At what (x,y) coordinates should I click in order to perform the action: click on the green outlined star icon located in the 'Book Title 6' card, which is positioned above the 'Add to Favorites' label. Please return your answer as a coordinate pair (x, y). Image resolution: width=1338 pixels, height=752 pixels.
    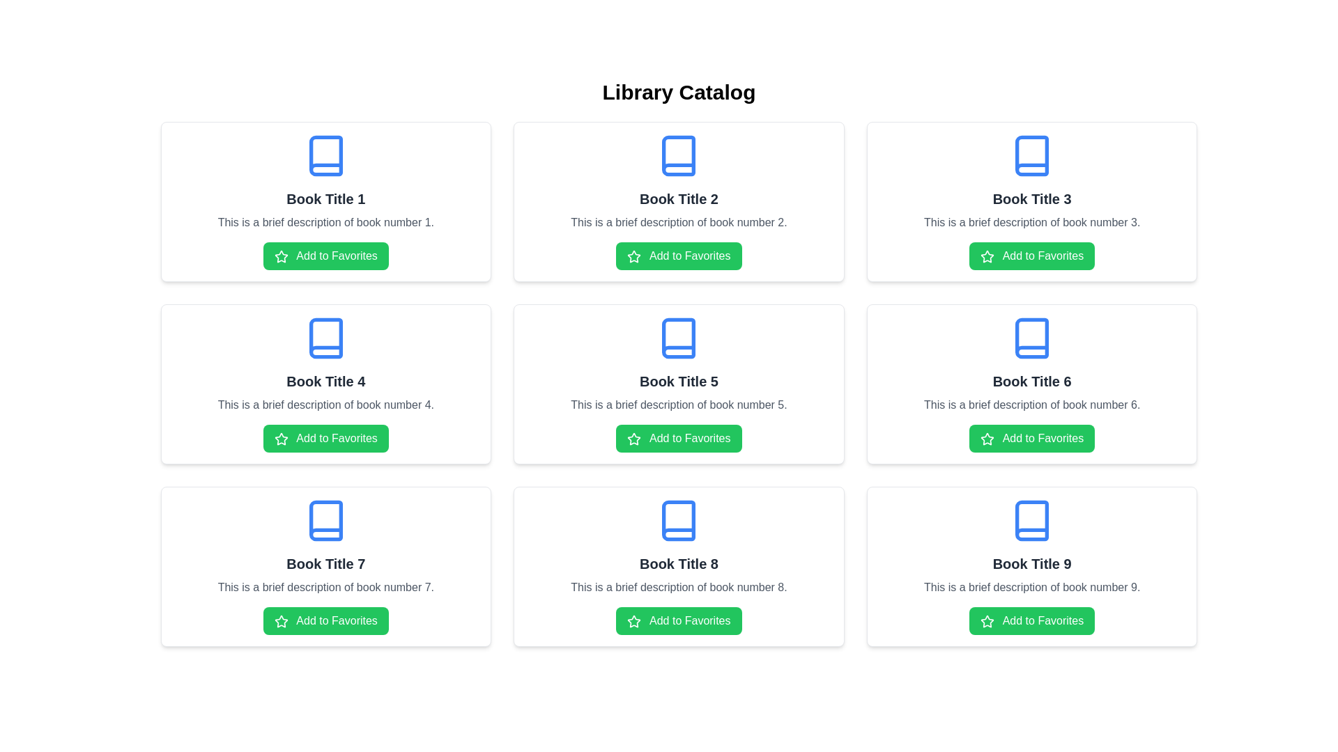
    Looking at the image, I should click on (987, 439).